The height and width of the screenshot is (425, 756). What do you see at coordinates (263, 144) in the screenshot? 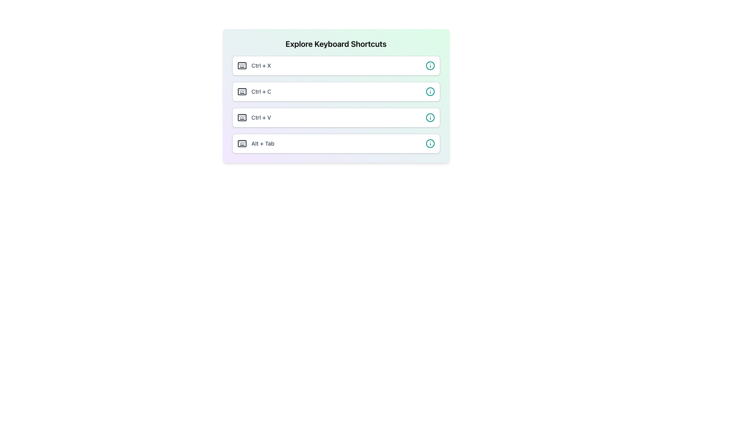
I see `the text element that presents the keyboard shortcut 'Alt + Tab' in the instructional interface, which is the fourth item in a vertical list of keyboard shortcuts` at bounding box center [263, 144].